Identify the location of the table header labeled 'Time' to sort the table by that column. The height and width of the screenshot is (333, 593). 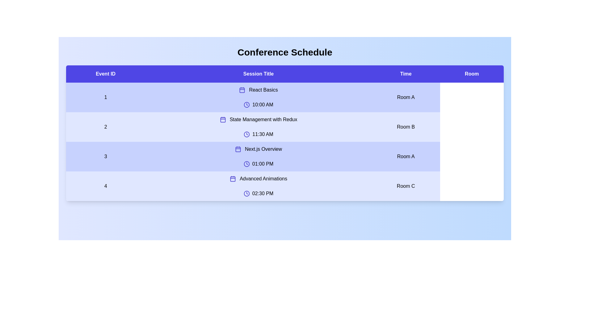
(406, 73).